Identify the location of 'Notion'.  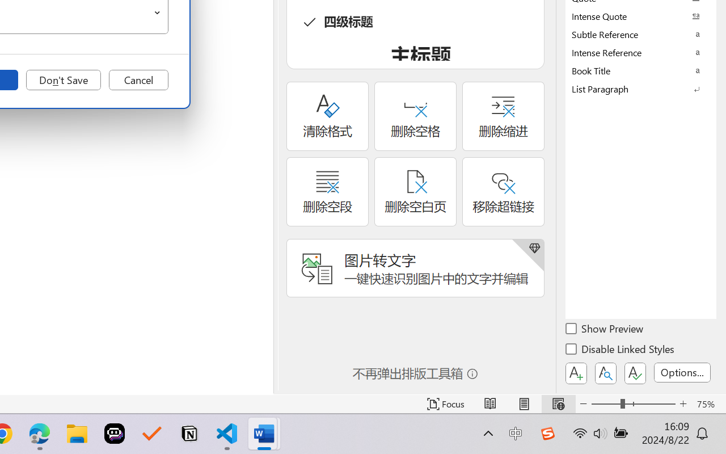
(189, 434).